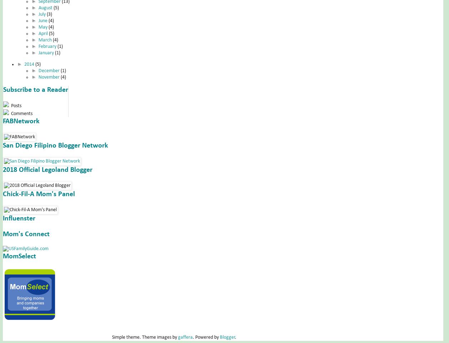 This screenshot has height=343, width=449. I want to click on 'May', so click(43, 27).